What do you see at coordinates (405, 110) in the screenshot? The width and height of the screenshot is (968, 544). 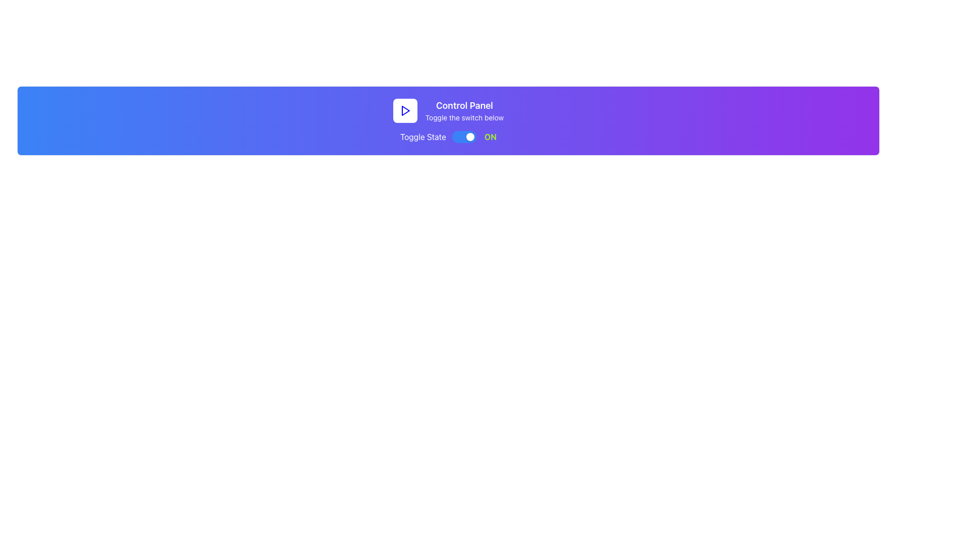 I see `the blue triangular play button icon located to the left of the 'Control Panel' heading` at bounding box center [405, 110].